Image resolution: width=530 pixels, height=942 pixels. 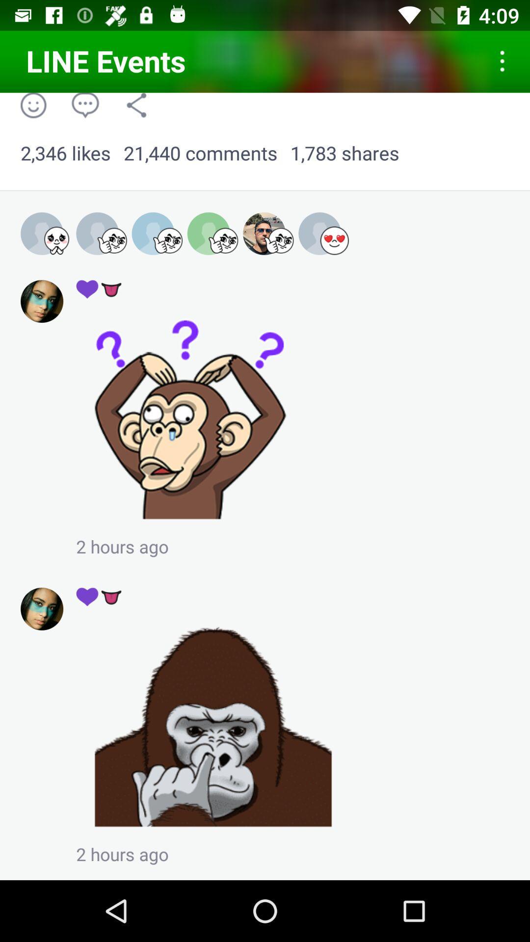 I want to click on the 2,346 likes item, so click(x=65, y=153).